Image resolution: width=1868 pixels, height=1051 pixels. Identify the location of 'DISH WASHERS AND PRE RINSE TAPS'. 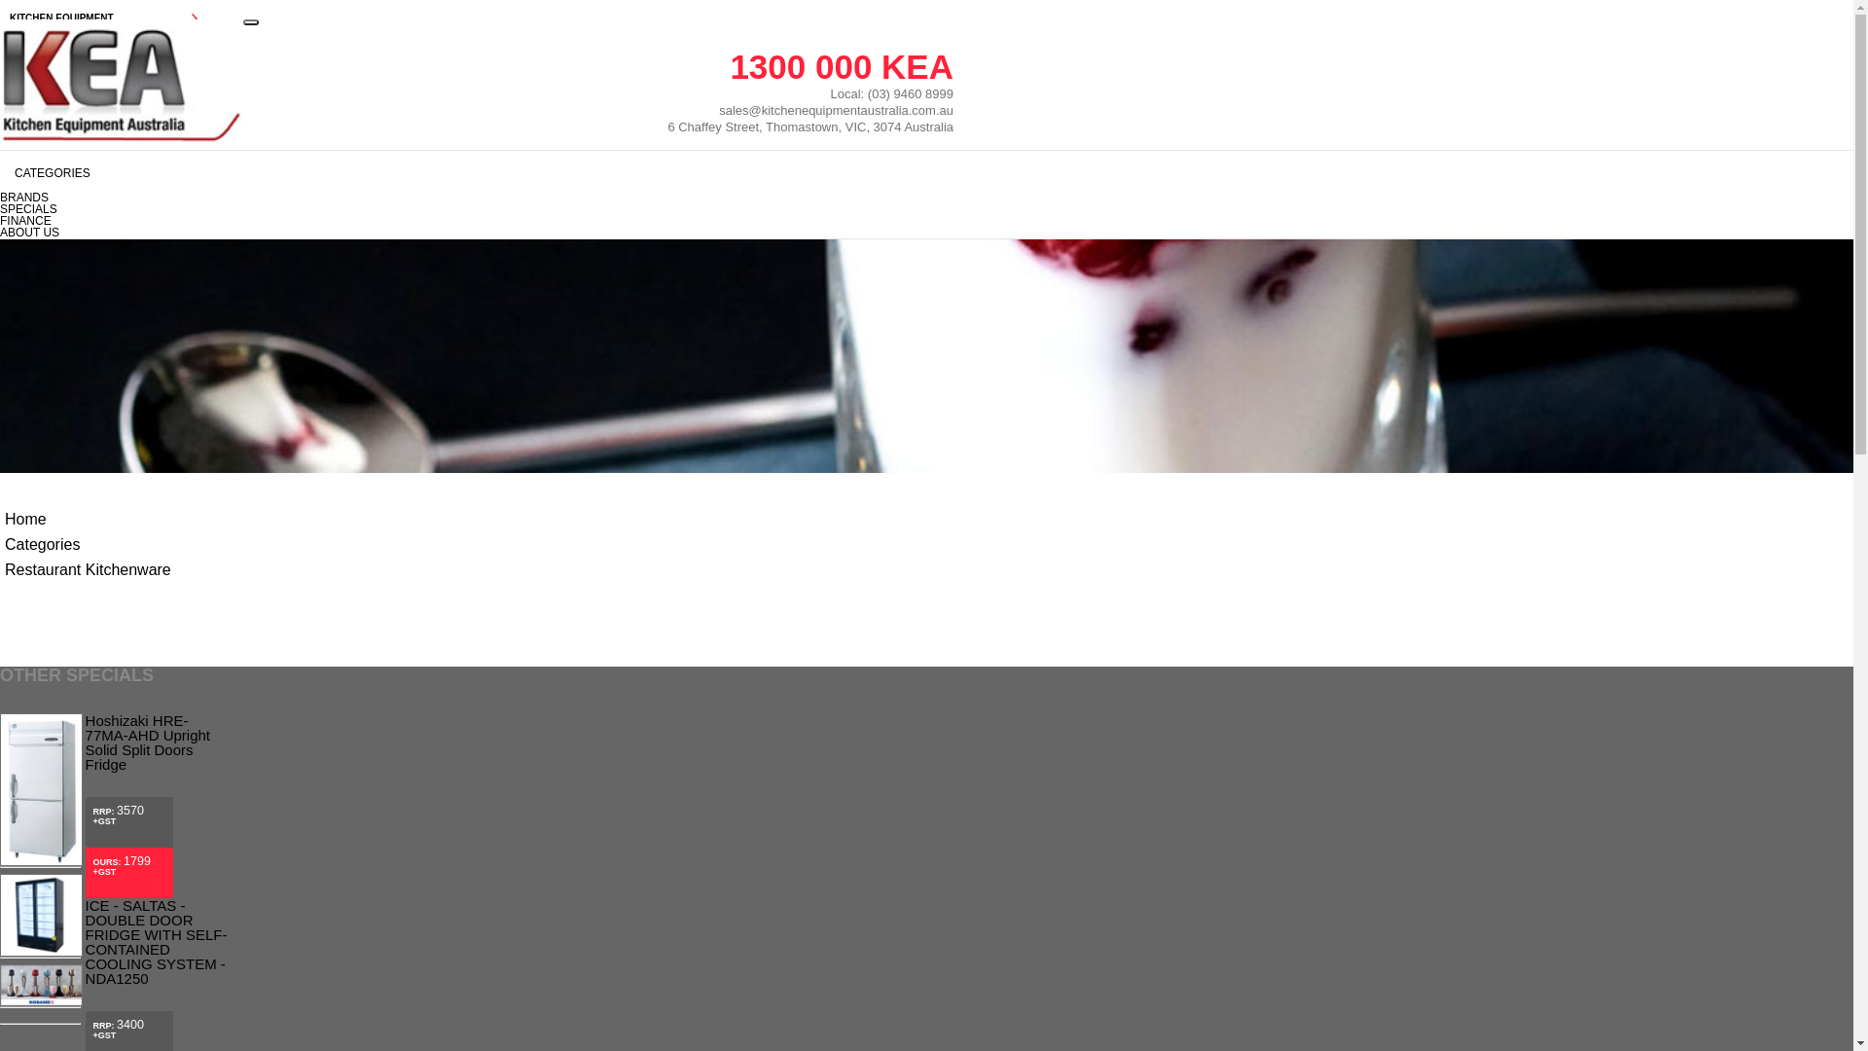
(106, 202).